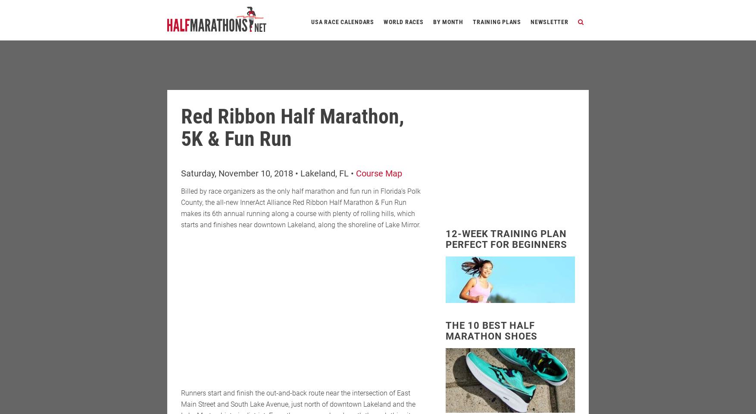  Describe the element at coordinates (403, 22) in the screenshot. I see `'World Races'` at that location.